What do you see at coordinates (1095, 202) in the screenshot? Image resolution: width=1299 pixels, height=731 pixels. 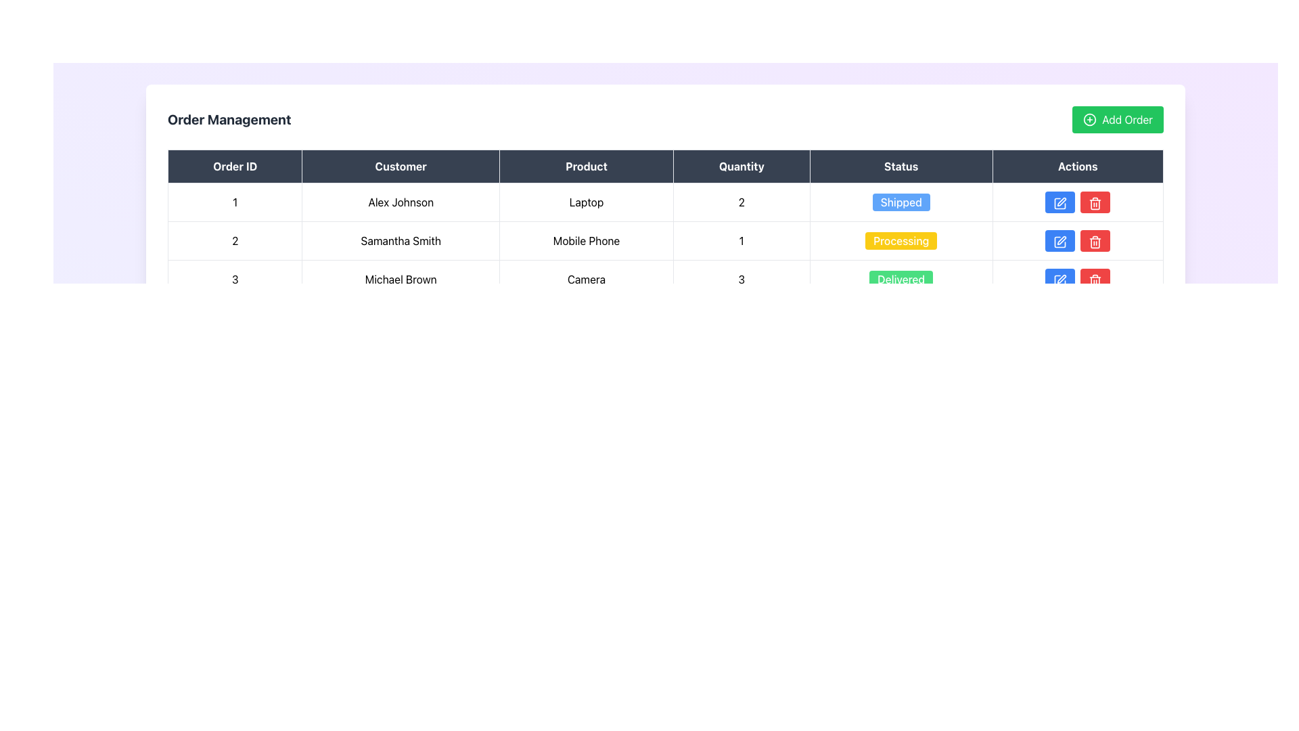 I see `the delete button located in the 'Actions' column for the second item ('Mobile Phone' by Samantha Smith)` at bounding box center [1095, 202].